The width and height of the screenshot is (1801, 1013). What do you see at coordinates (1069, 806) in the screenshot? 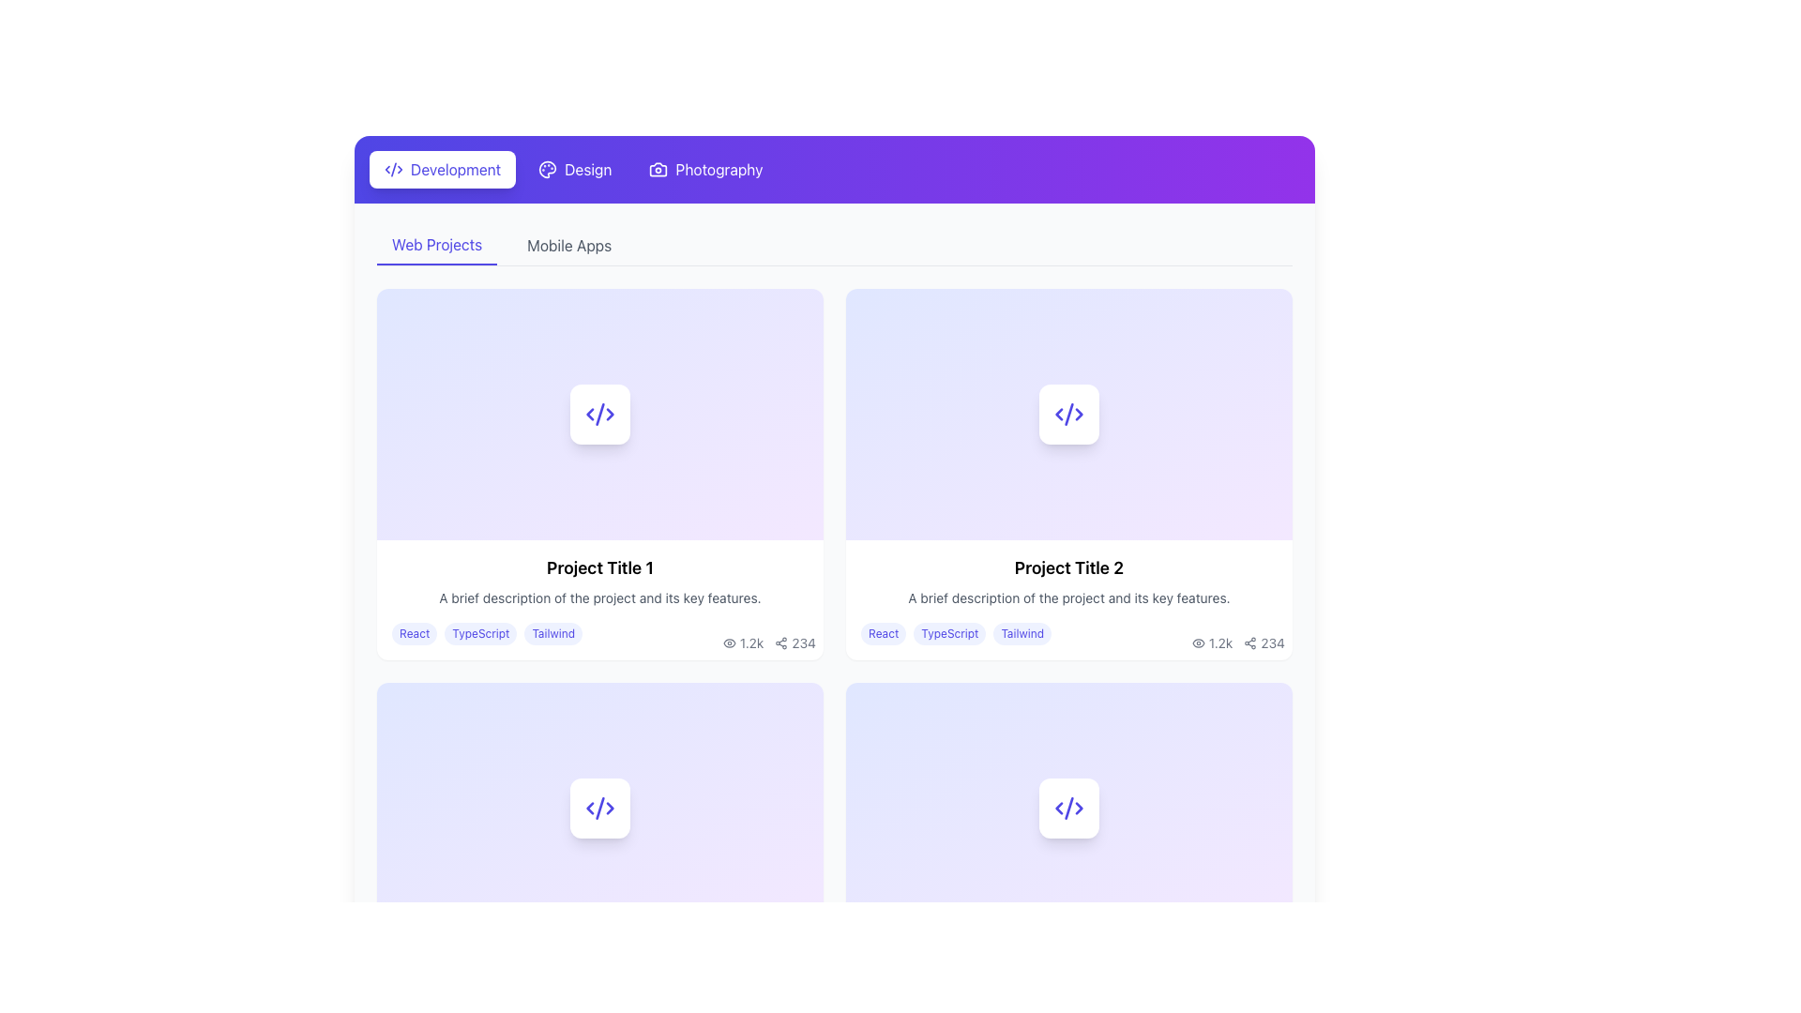
I see `the thumbnail representing 'Project Title 4' in the 'Web Projects' section for interaction` at bounding box center [1069, 806].